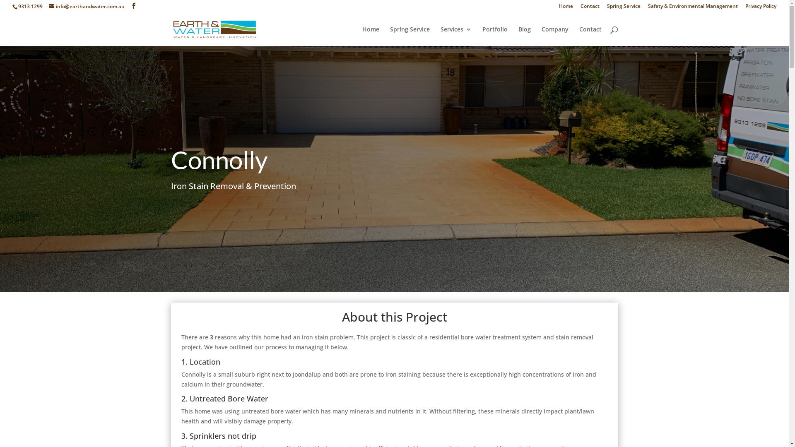  What do you see at coordinates (693, 8) in the screenshot?
I see `'Safety & Environmental Management'` at bounding box center [693, 8].